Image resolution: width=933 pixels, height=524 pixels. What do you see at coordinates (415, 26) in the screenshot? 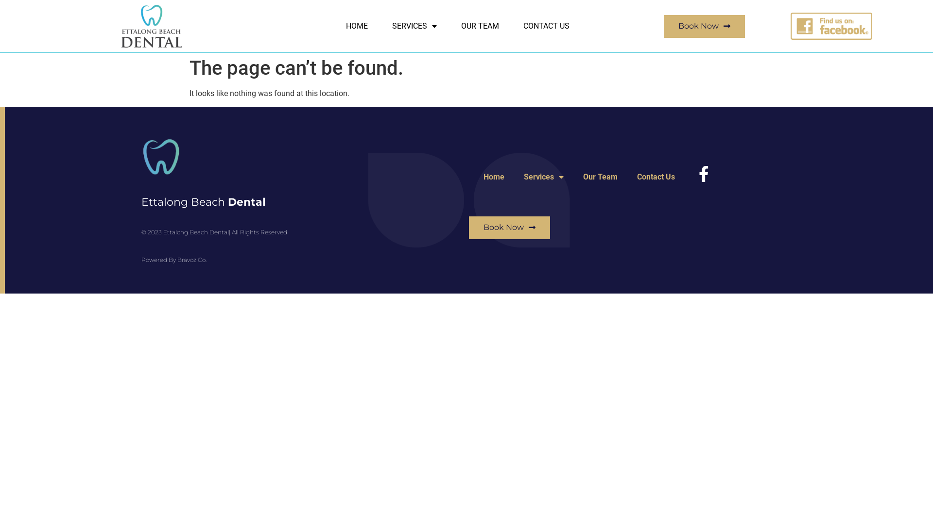
I see `'SERVICES'` at bounding box center [415, 26].